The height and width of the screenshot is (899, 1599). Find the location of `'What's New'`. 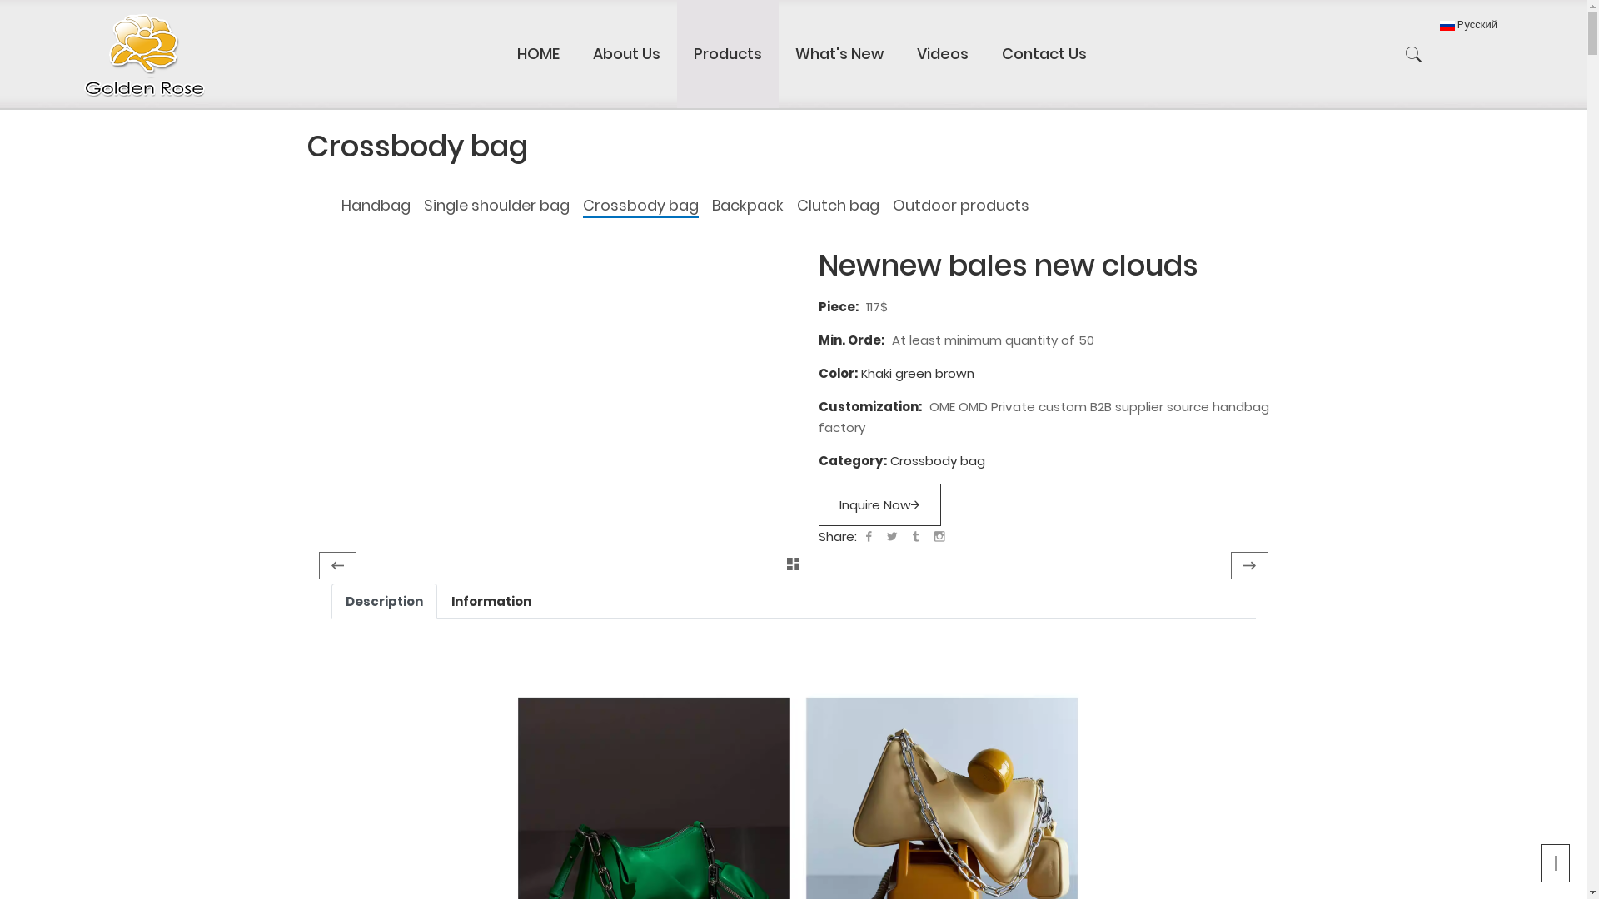

'What's New' is located at coordinates (839, 53).